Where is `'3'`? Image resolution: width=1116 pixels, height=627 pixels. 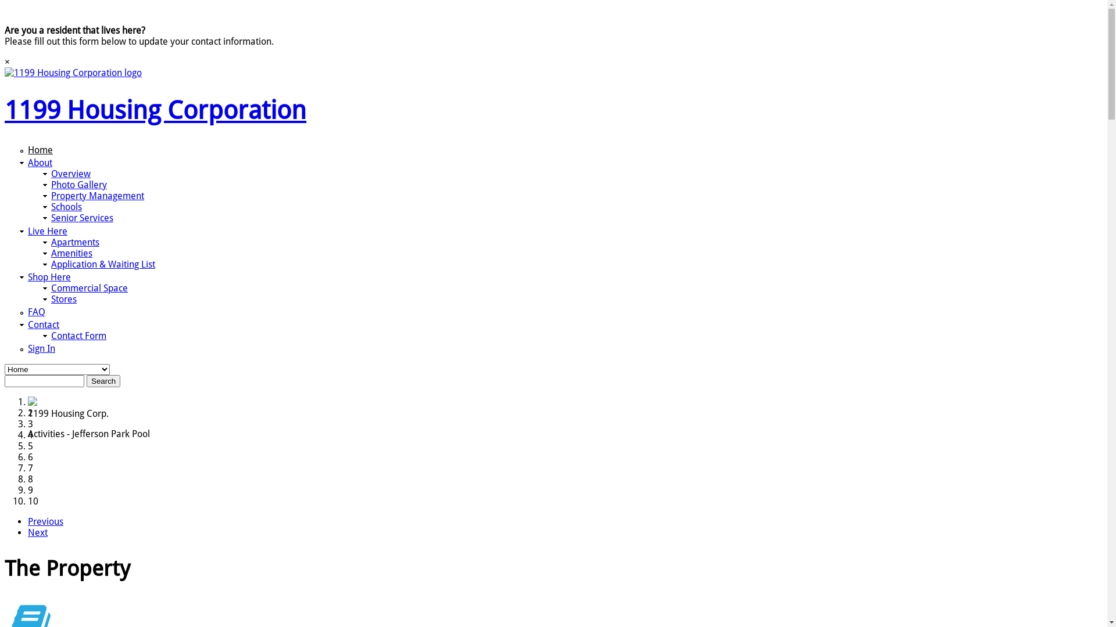
'3' is located at coordinates (30, 424).